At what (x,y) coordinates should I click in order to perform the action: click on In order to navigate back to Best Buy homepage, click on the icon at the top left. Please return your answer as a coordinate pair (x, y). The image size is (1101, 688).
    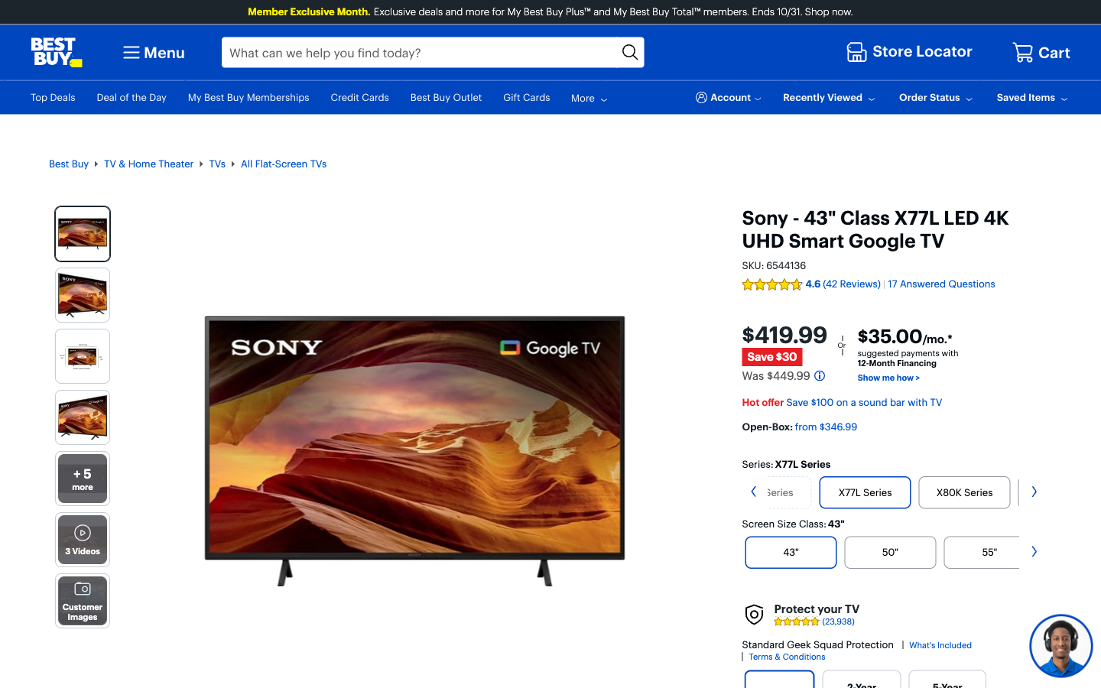
    Looking at the image, I should click on (57, 52).